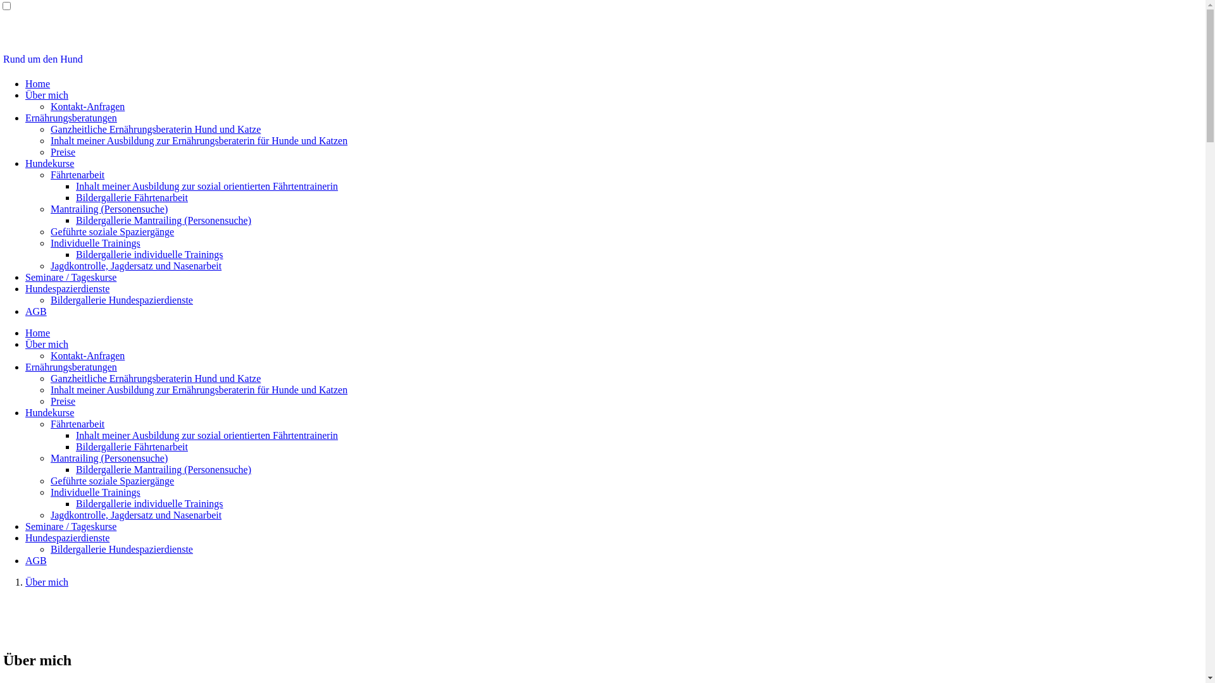 This screenshot has height=683, width=1215. Describe the element at coordinates (70, 526) in the screenshot. I see `'Seminare / Tageskurse'` at that location.